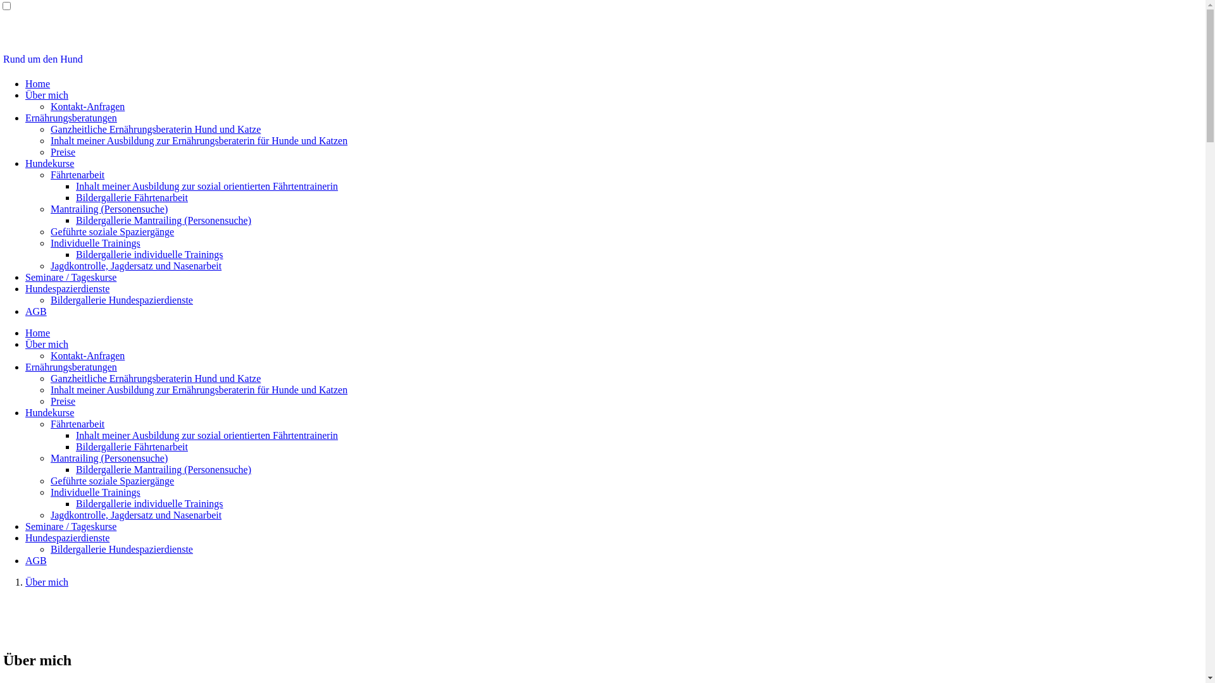 This screenshot has height=683, width=1215. Describe the element at coordinates (70, 526) in the screenshot. I see `'Seminare / Tageskurse'` at that location.